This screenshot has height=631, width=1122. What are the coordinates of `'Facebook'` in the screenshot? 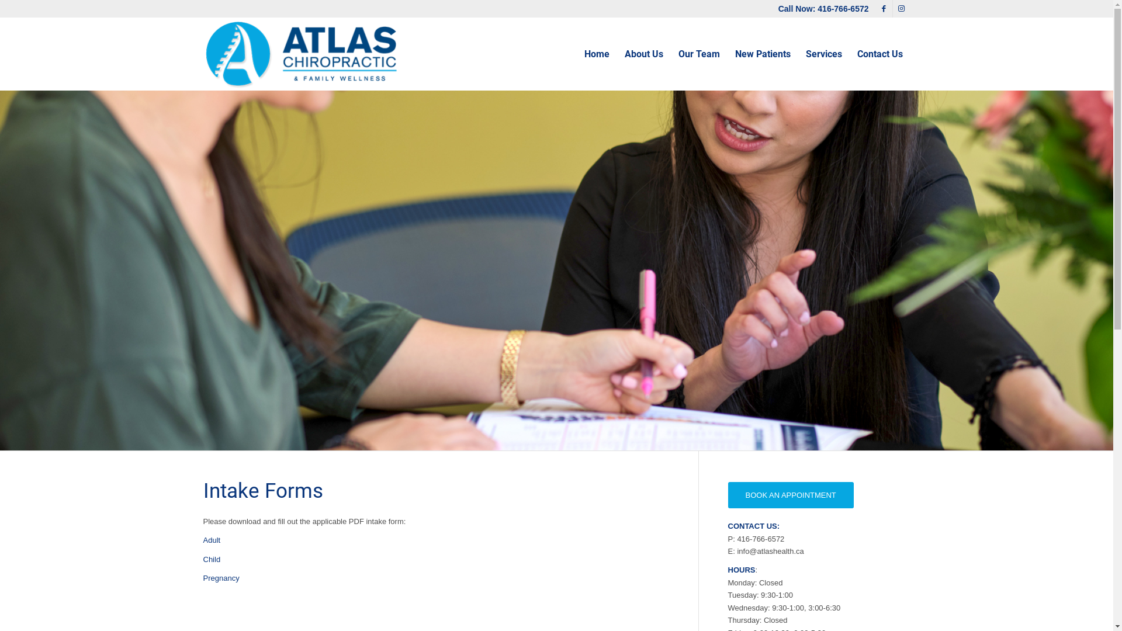 It's located at (884, 9).